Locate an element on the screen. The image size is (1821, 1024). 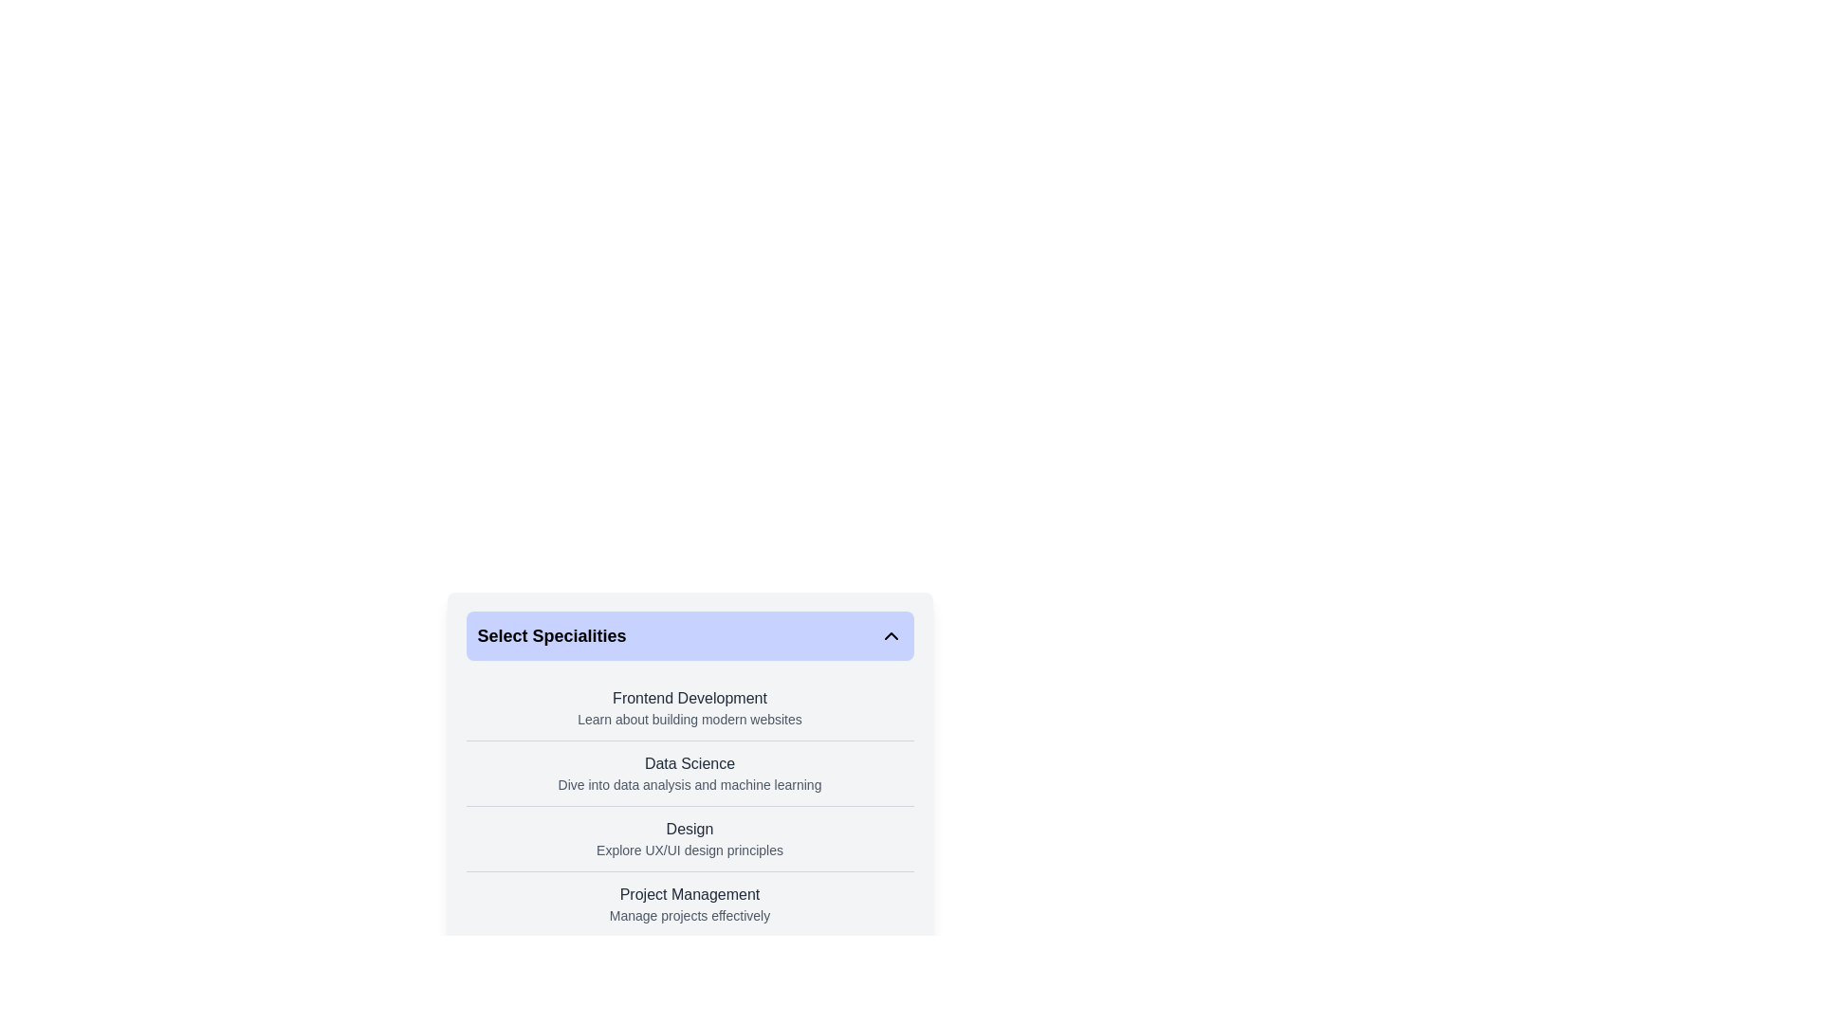
the 'Data Science' specialty option, which is the second item in the list of selectable specialties located between 'Frontend Development' and 'Design' is located at coordinates (689, 793).